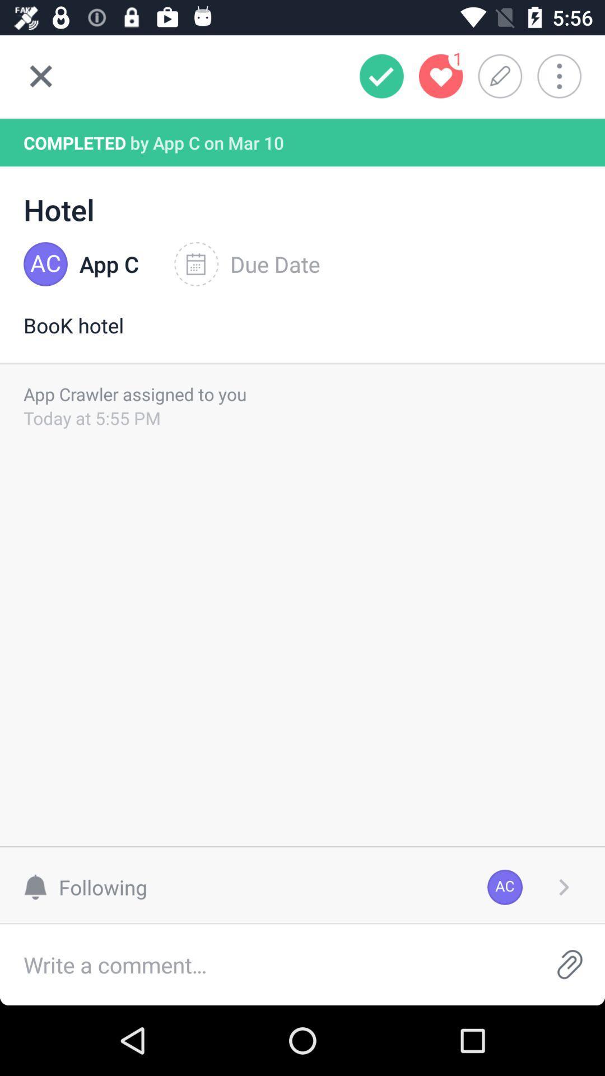 The height and width of the screenshot is (1076, 605). Describe the element at coordinates (90, 887) in the screenshot. I see `the following icon` at that location.